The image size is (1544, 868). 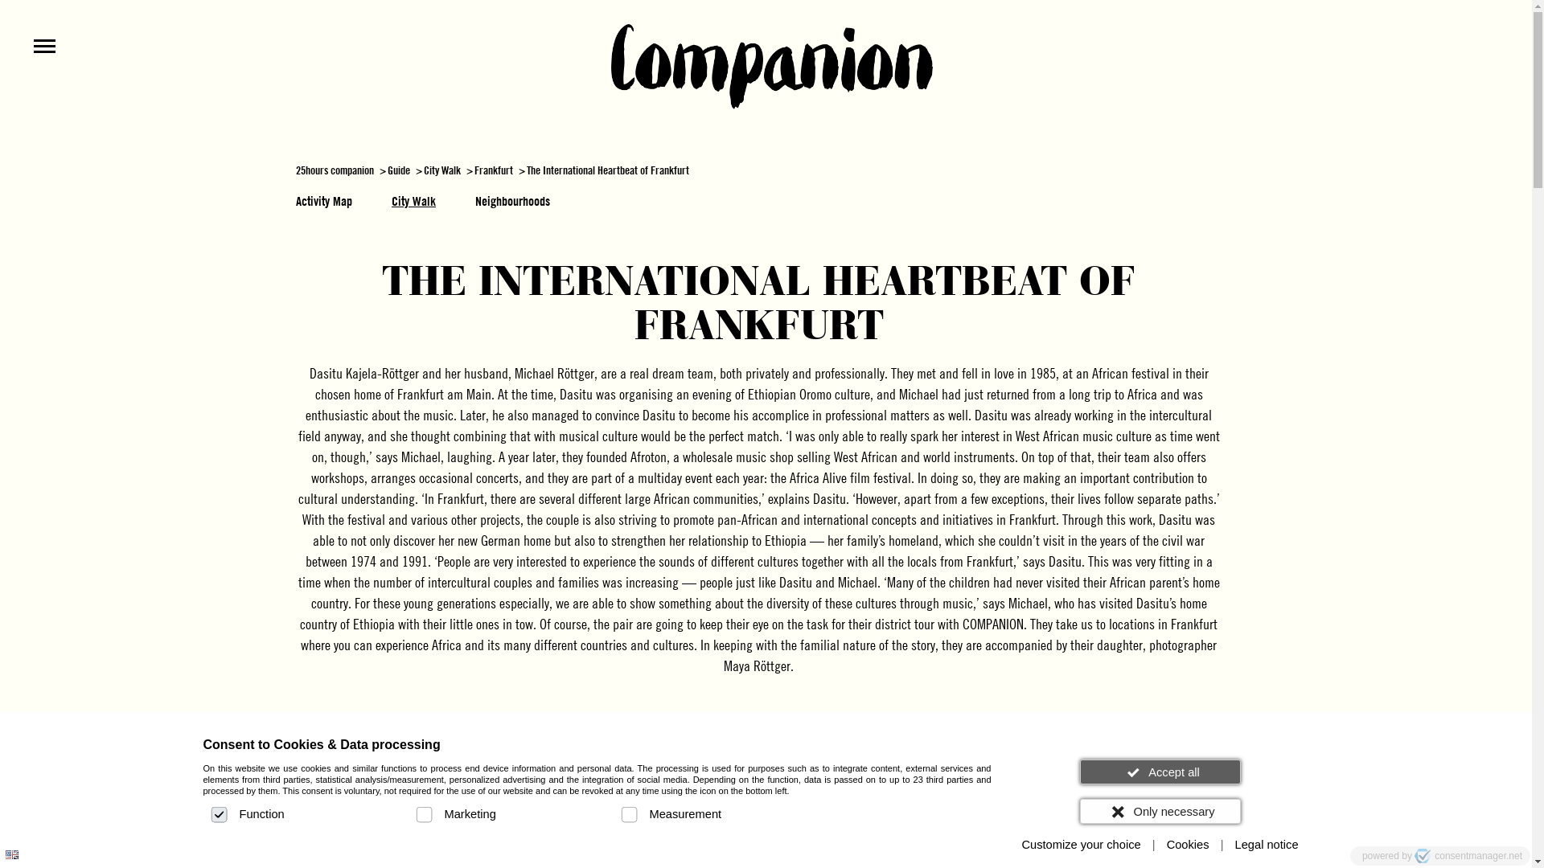 I want to click on 'City Walk', so click(x=413, y=200).